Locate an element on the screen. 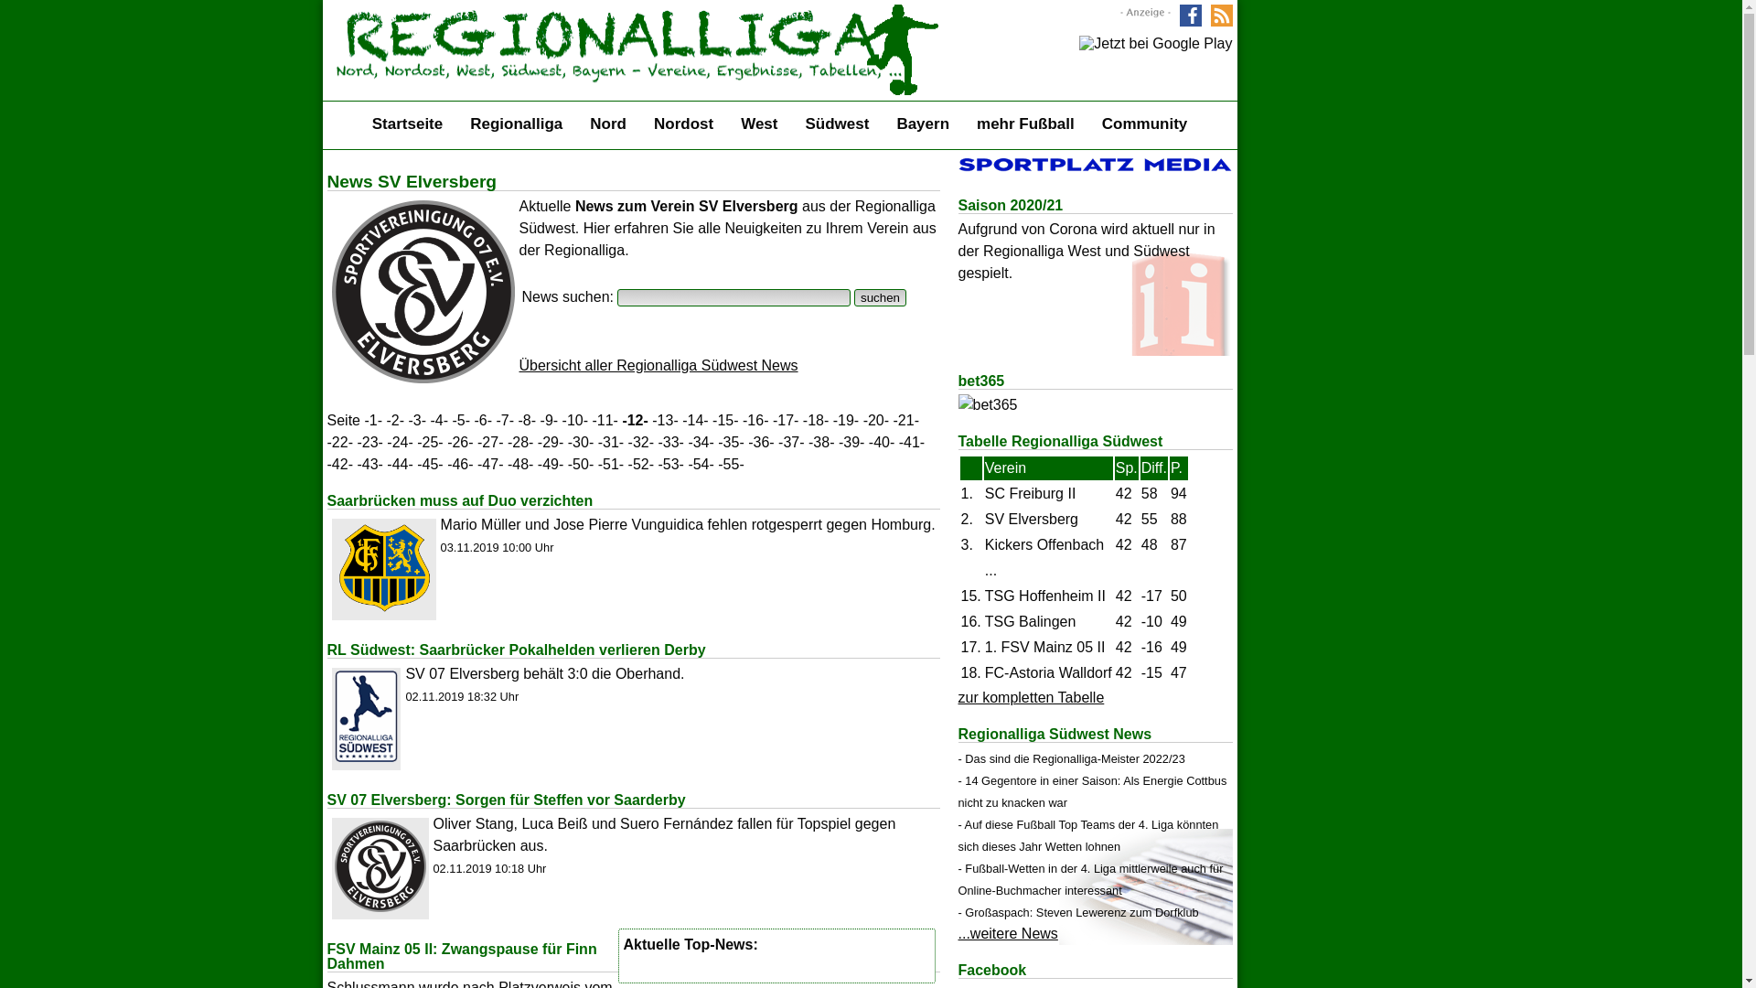  '-36-' is located at coordinates (760, 442).